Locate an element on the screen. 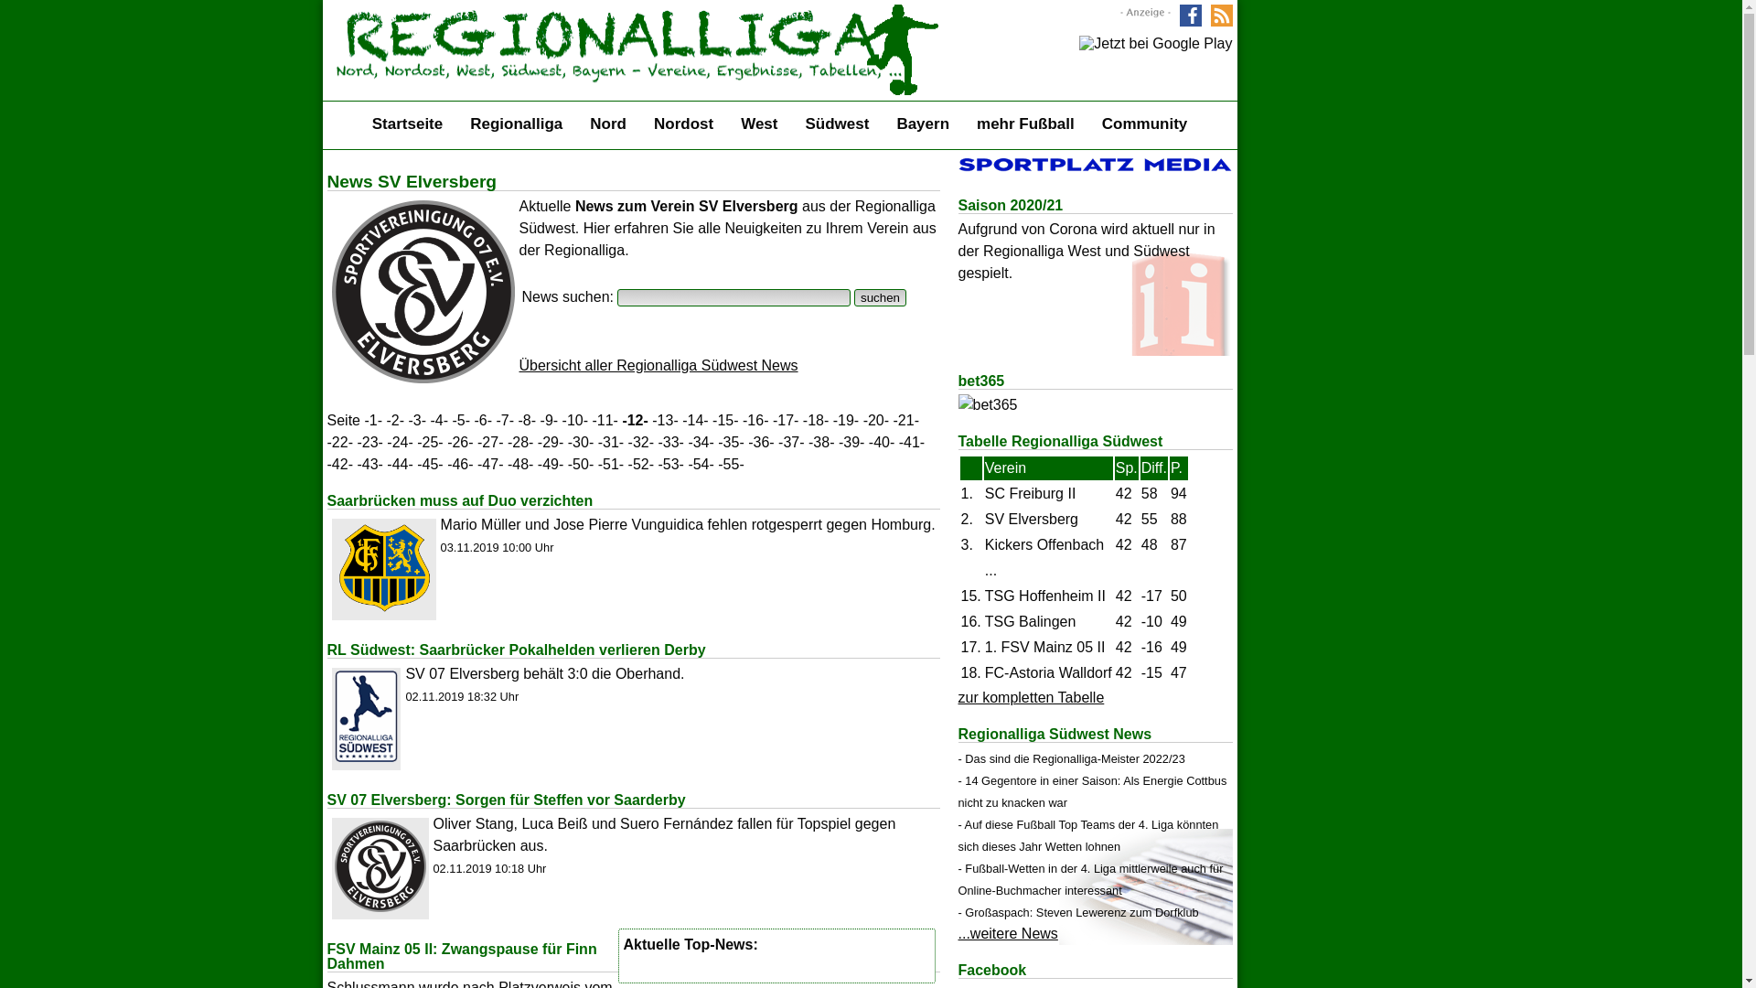  '-36-' is located at coordinates (760, 442).